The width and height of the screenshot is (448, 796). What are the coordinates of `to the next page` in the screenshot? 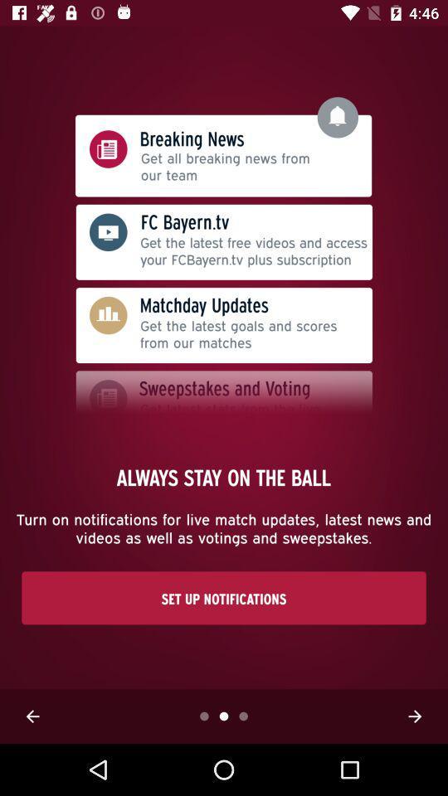 It's located at (414, 716).